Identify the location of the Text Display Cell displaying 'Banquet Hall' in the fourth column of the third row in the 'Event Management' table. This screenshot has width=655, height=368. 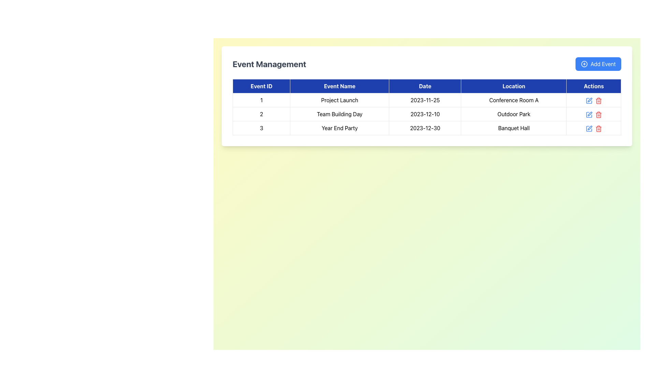
(514, 128).